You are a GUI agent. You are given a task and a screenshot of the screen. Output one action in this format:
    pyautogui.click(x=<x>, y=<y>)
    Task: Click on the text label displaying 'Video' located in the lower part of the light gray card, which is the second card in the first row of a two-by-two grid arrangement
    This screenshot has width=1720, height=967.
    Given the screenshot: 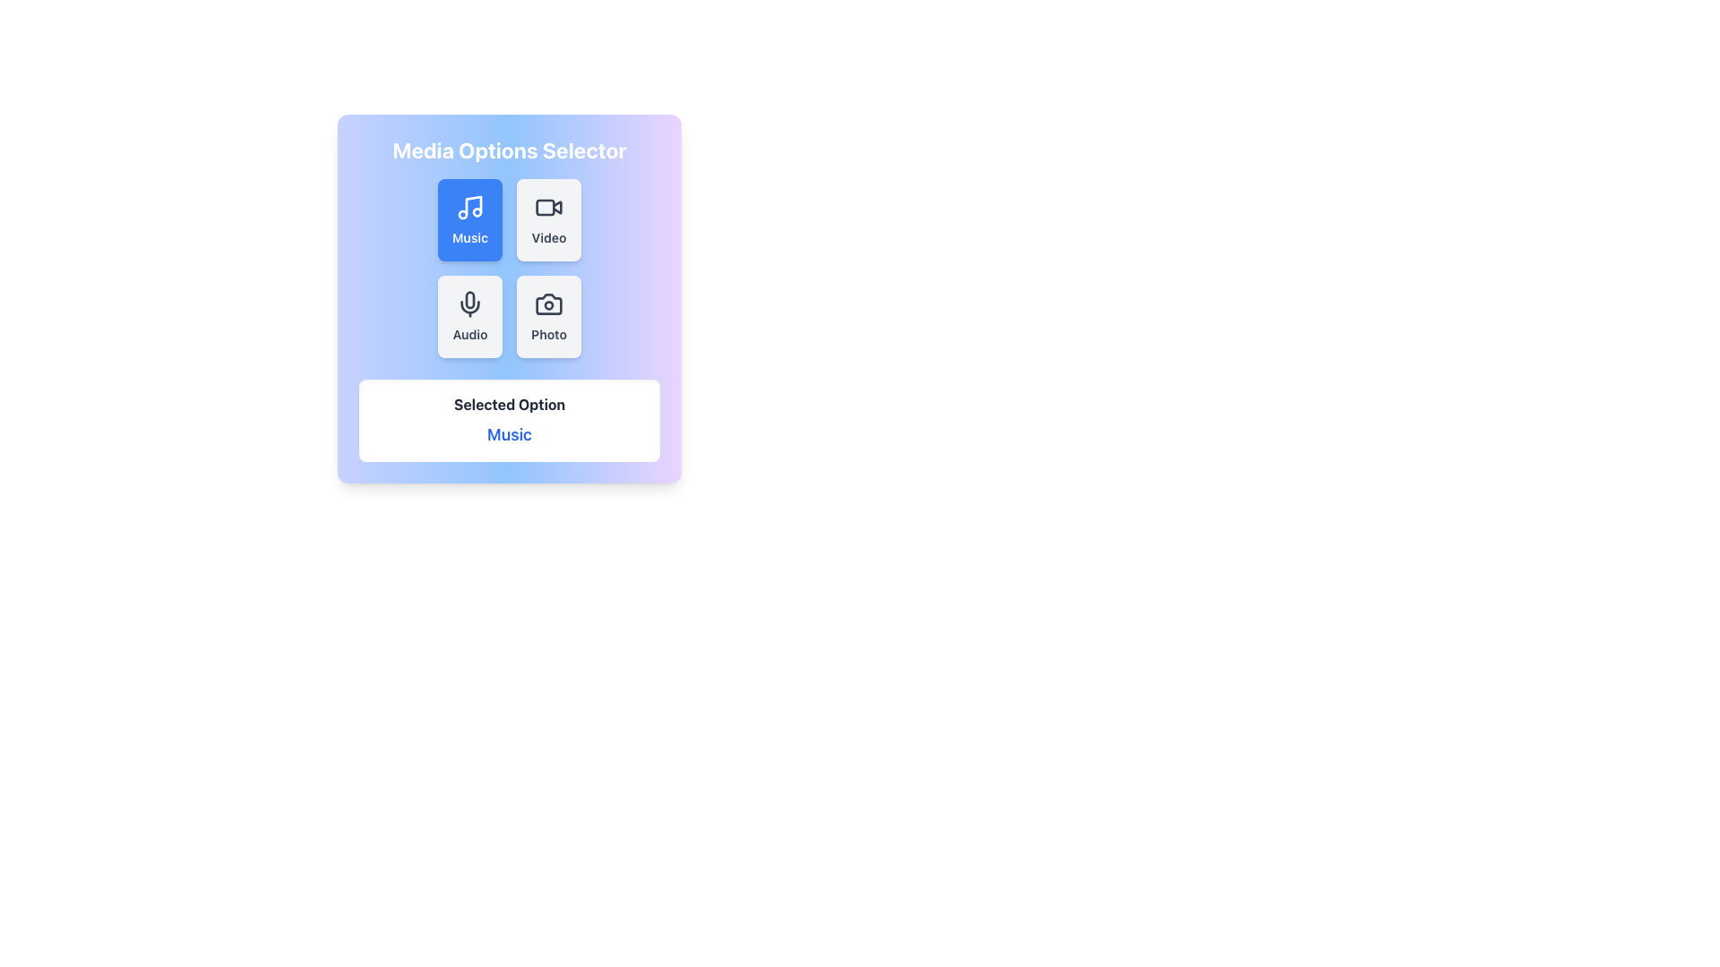 What is the action you would take?
    pyautogui.click(x=548, y=237)
    